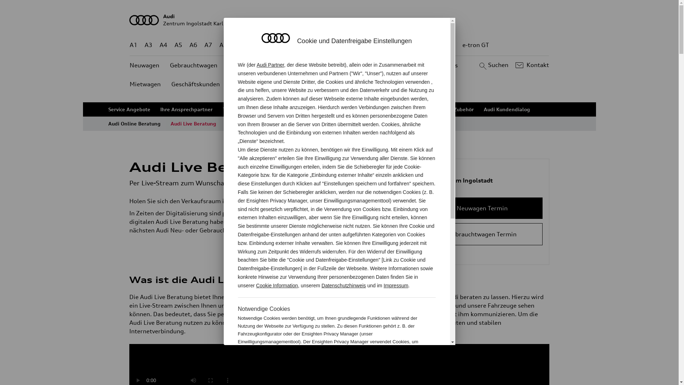 The width and height of the screenshot is (684, 385). What do you see at coordinates (193, 65) in the screenshot?
I see `'Gebrauchtwagen'` at bounding box center [193, 65].